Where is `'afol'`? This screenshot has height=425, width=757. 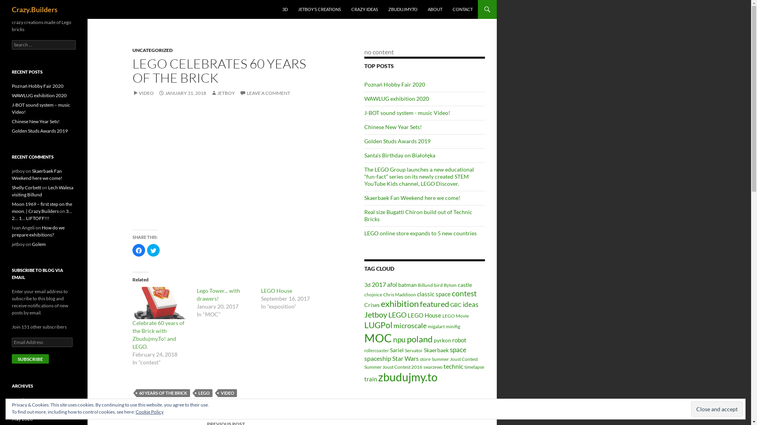 'afol' is located at coordinates (392, 284).